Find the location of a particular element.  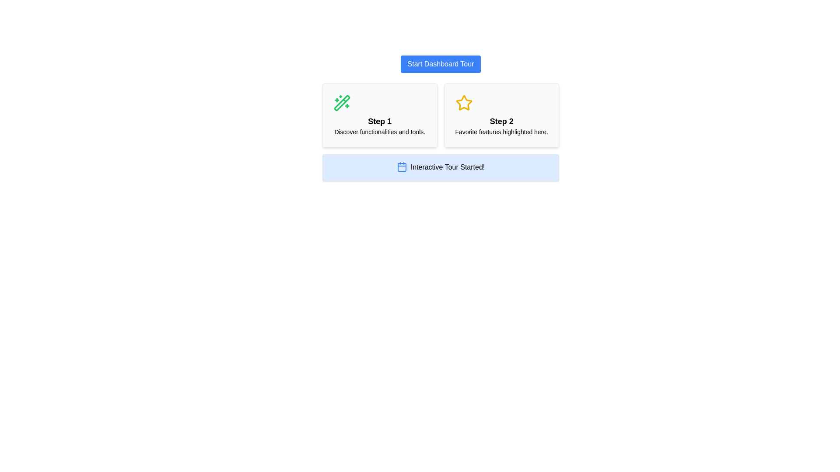

the green wand icon with sparkles located within the 'Step 1' card at the top-center of the interface is located at coordinates (342, 102).